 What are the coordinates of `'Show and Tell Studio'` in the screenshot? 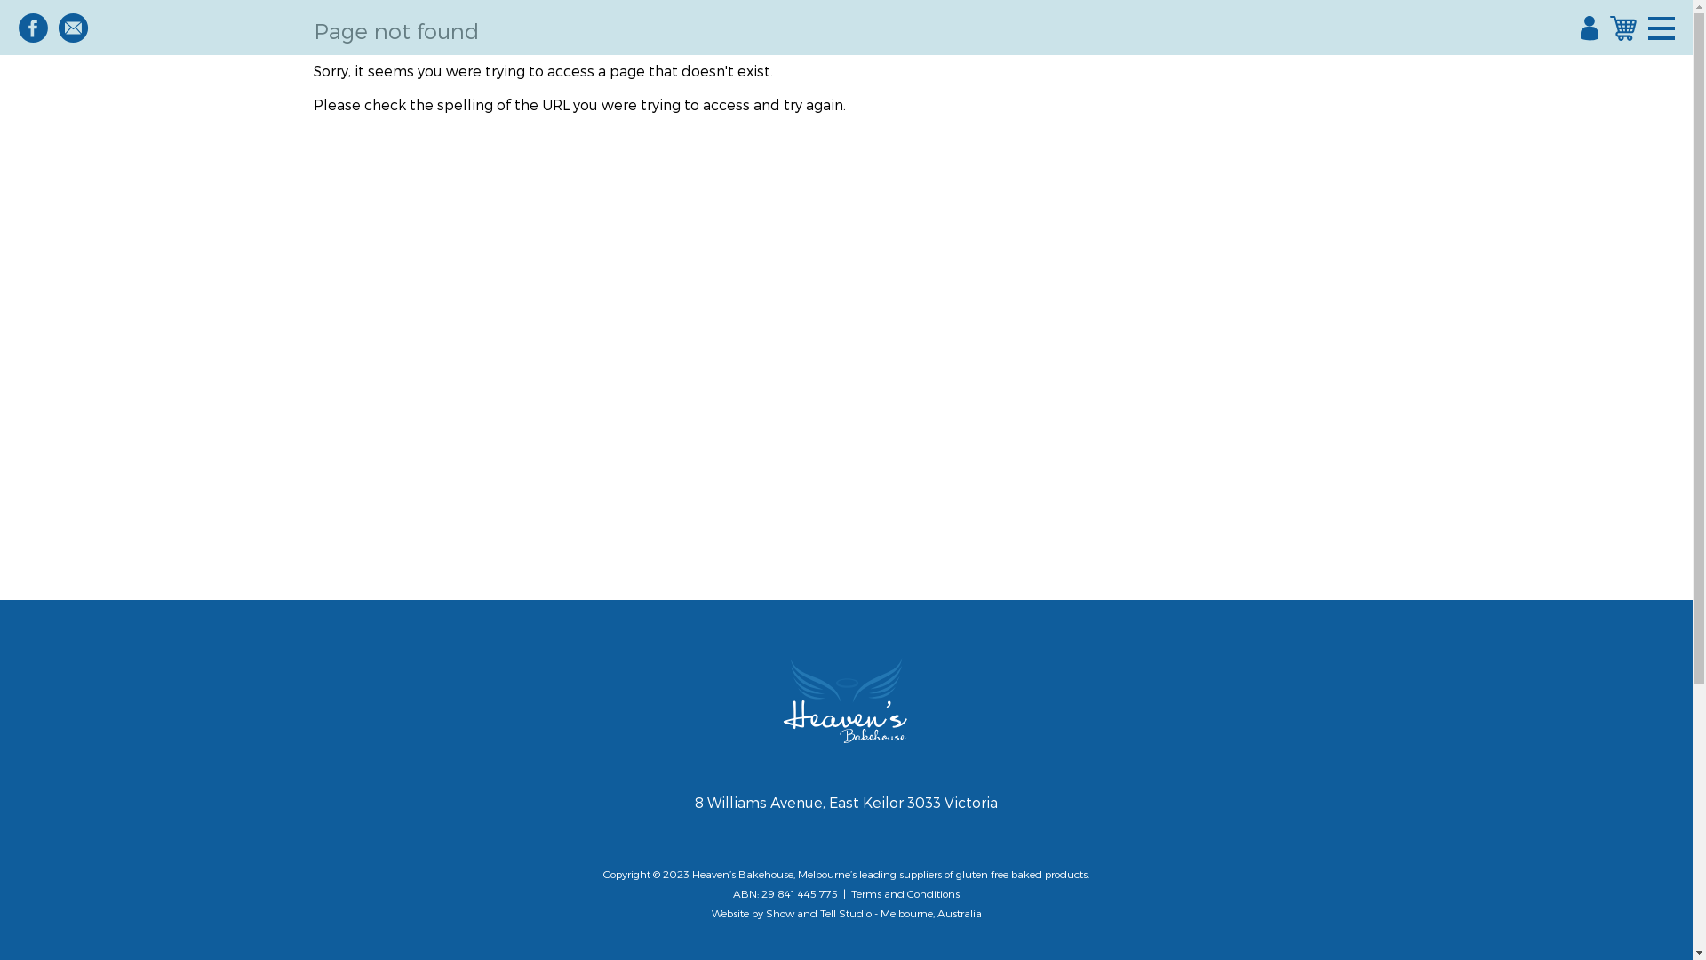 It's located at (817, 912).